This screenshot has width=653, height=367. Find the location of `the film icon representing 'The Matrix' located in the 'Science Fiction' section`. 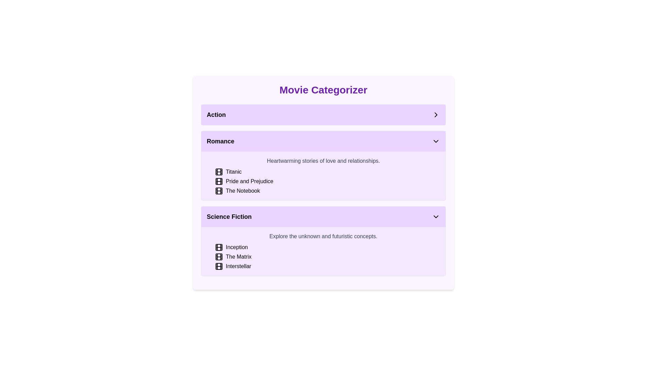

the film icon representing 'The Matrix' located in the 'Science Fiction' section is located at coordinates (219, 257).